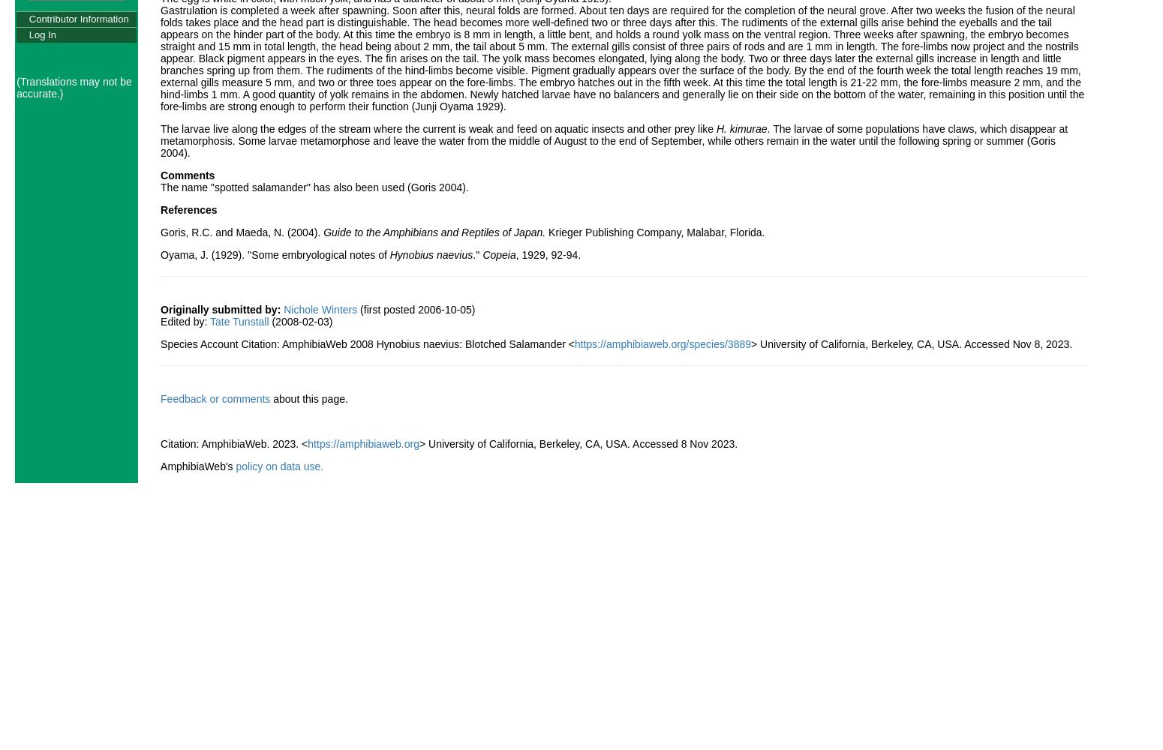 This screenshot has width=1163, height=750. I want to click on '(first posted 2006-10-05)', so click(356, 309).